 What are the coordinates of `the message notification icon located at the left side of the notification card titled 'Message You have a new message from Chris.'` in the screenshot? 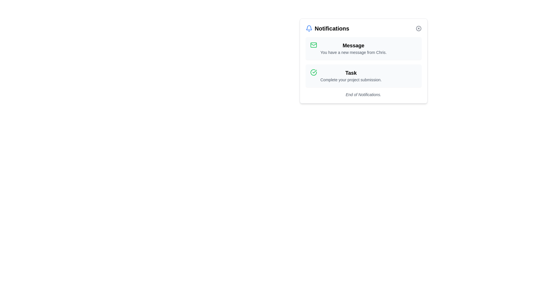 It's located at (313, 45).